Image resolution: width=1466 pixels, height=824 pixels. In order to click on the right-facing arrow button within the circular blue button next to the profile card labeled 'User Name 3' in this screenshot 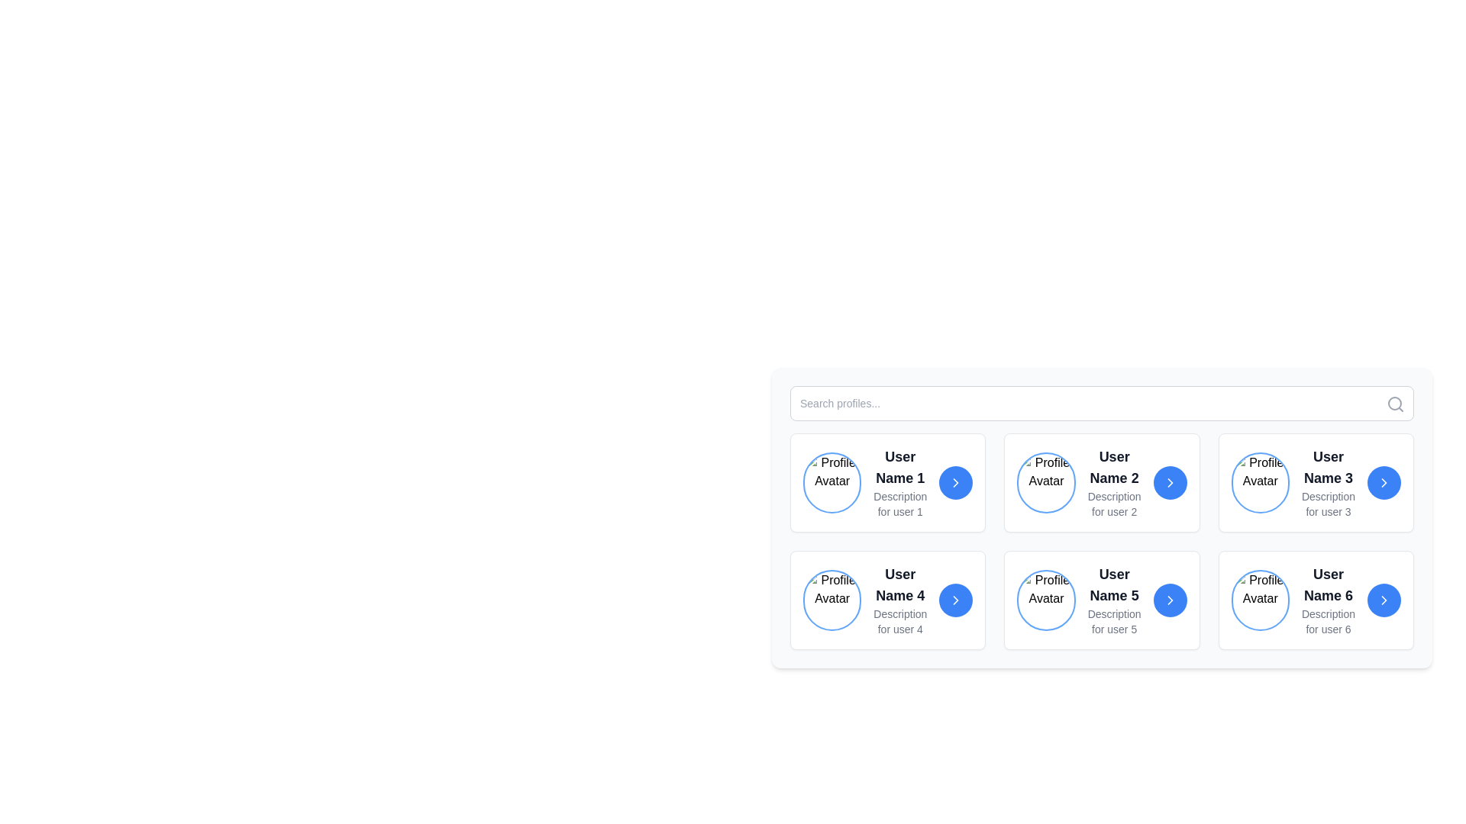, I will do `click(1384, 482)`.